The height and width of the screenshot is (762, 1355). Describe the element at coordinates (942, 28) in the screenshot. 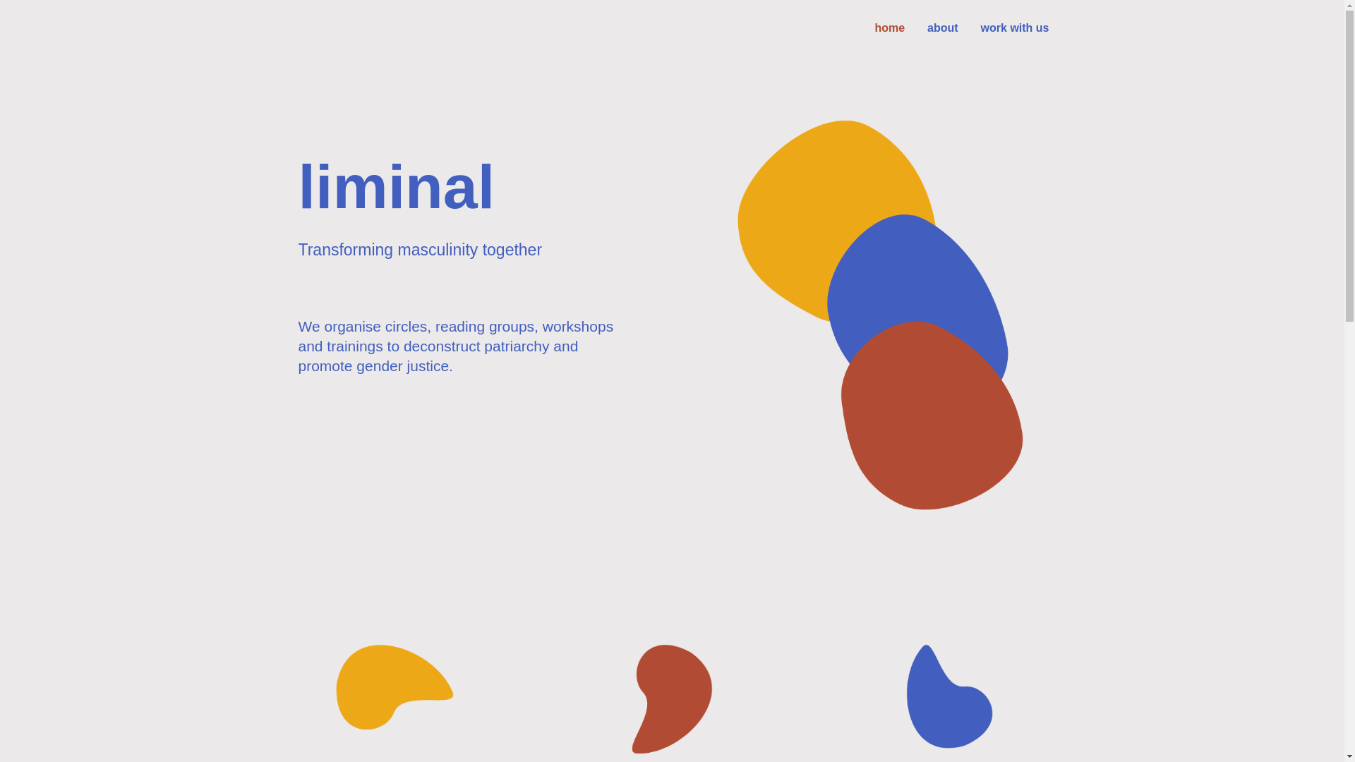

I see `'about'` at that location.